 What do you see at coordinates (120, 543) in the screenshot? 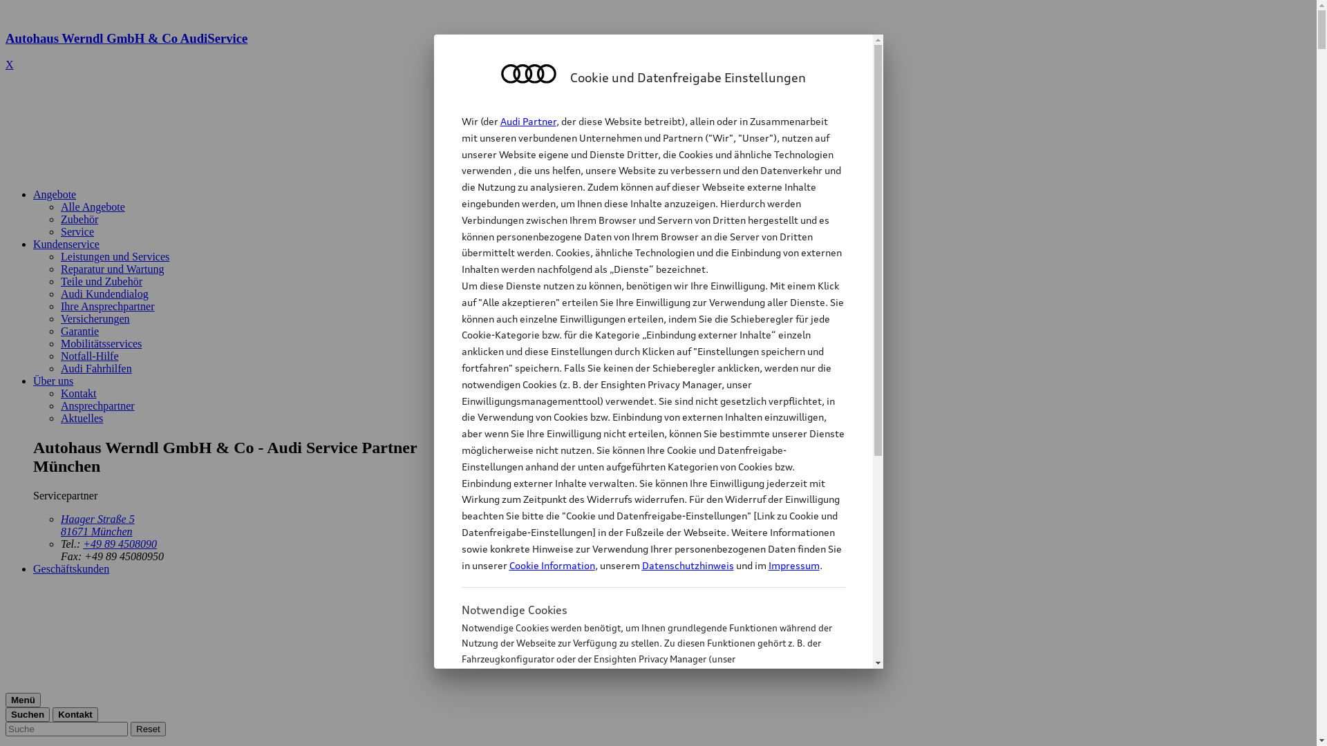
I see `'+49 89 4508090'` at bounding box center [120, 543].